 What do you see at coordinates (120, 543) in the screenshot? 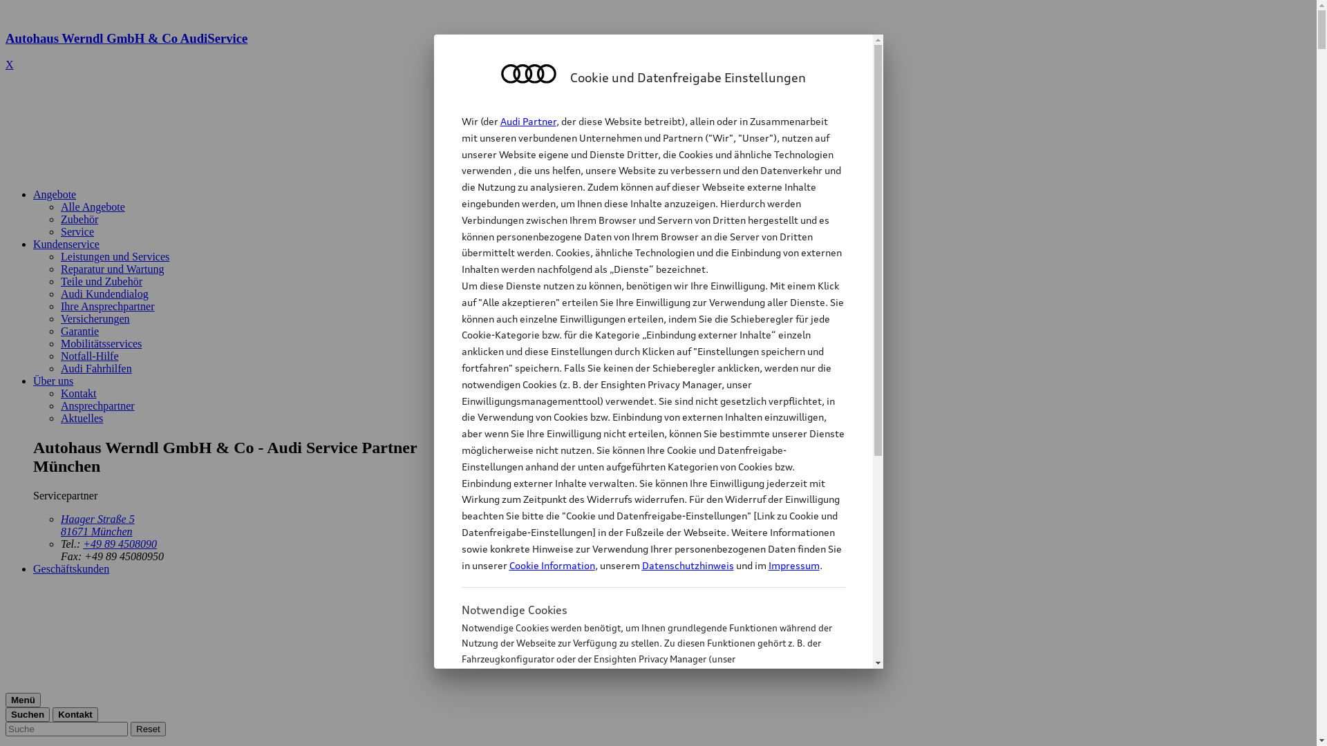
I see `'+49 89 4508090'` at bounding box center [120, 543].